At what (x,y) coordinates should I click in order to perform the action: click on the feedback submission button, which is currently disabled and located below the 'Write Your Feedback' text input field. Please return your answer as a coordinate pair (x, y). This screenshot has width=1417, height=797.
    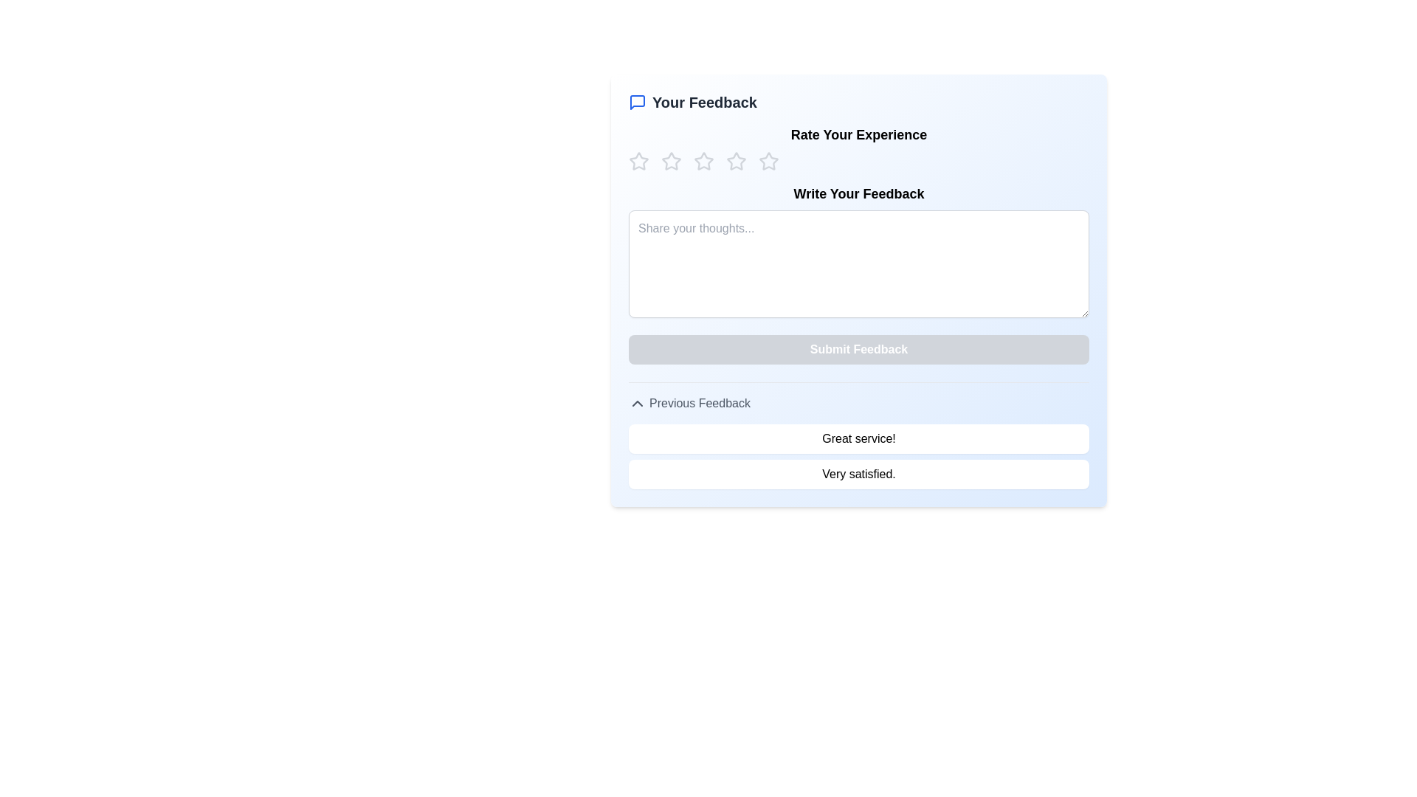
    Looking at the image, I should click on (858, 350).